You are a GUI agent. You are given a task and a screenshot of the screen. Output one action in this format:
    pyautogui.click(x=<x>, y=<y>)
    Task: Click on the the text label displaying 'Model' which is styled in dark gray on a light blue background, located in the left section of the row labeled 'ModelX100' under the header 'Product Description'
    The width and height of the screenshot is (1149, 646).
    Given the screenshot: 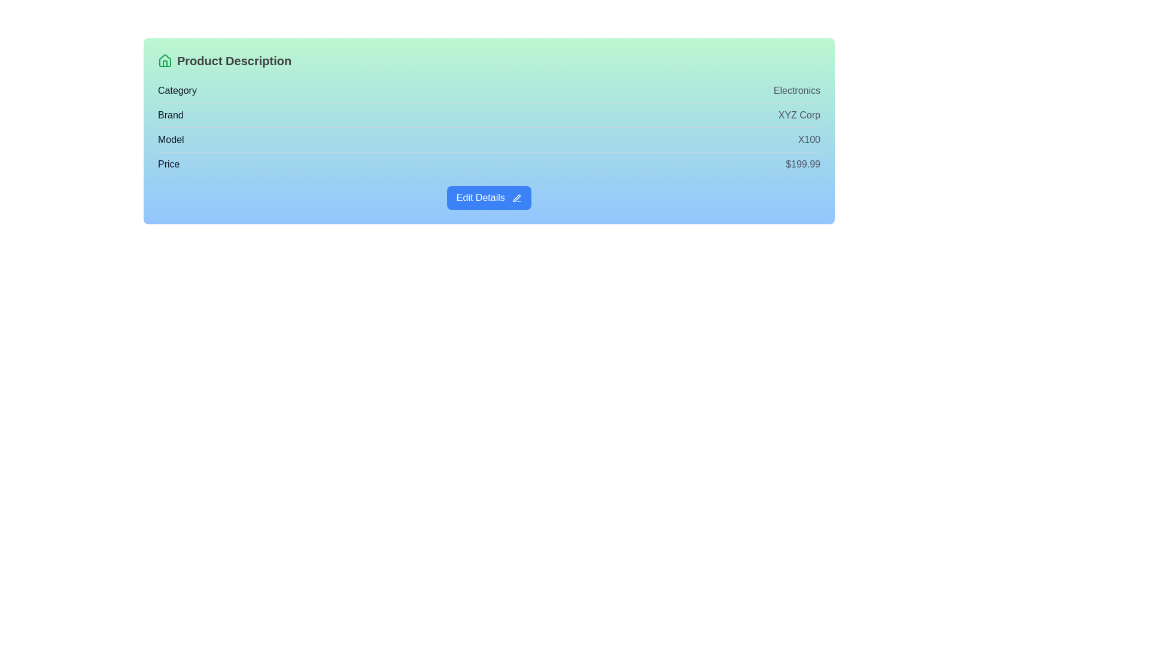 What is the action you would take?
    pyautogui.click(x=170, y=139)
    